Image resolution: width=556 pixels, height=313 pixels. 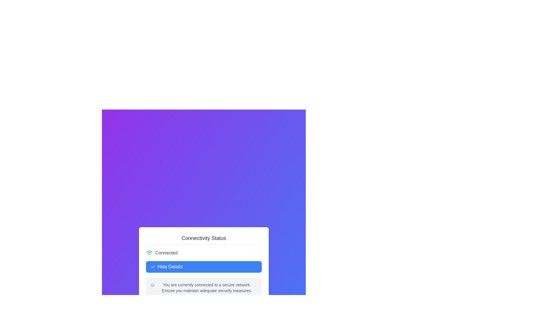 I want to click on static text element displaying the word 'Connected', which is styled in gray and located next to a Wi-Fi icon, so click(x=166, y=252).